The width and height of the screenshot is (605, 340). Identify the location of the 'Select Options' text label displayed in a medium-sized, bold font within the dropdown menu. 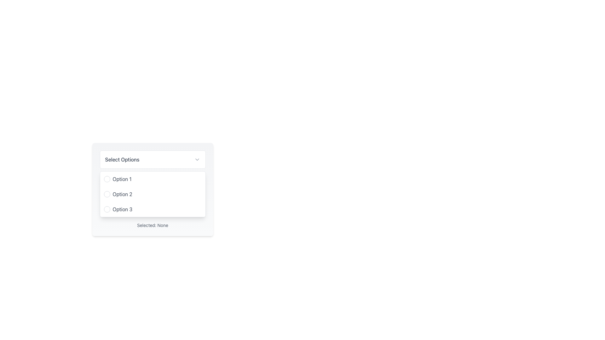
(122, 159).